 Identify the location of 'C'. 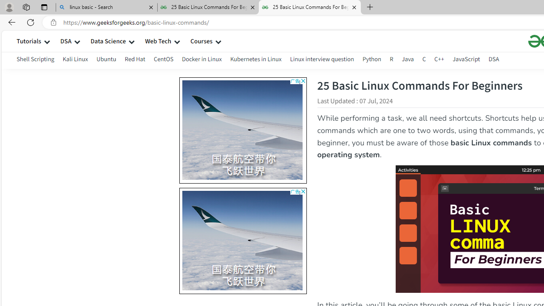
(424, 59).